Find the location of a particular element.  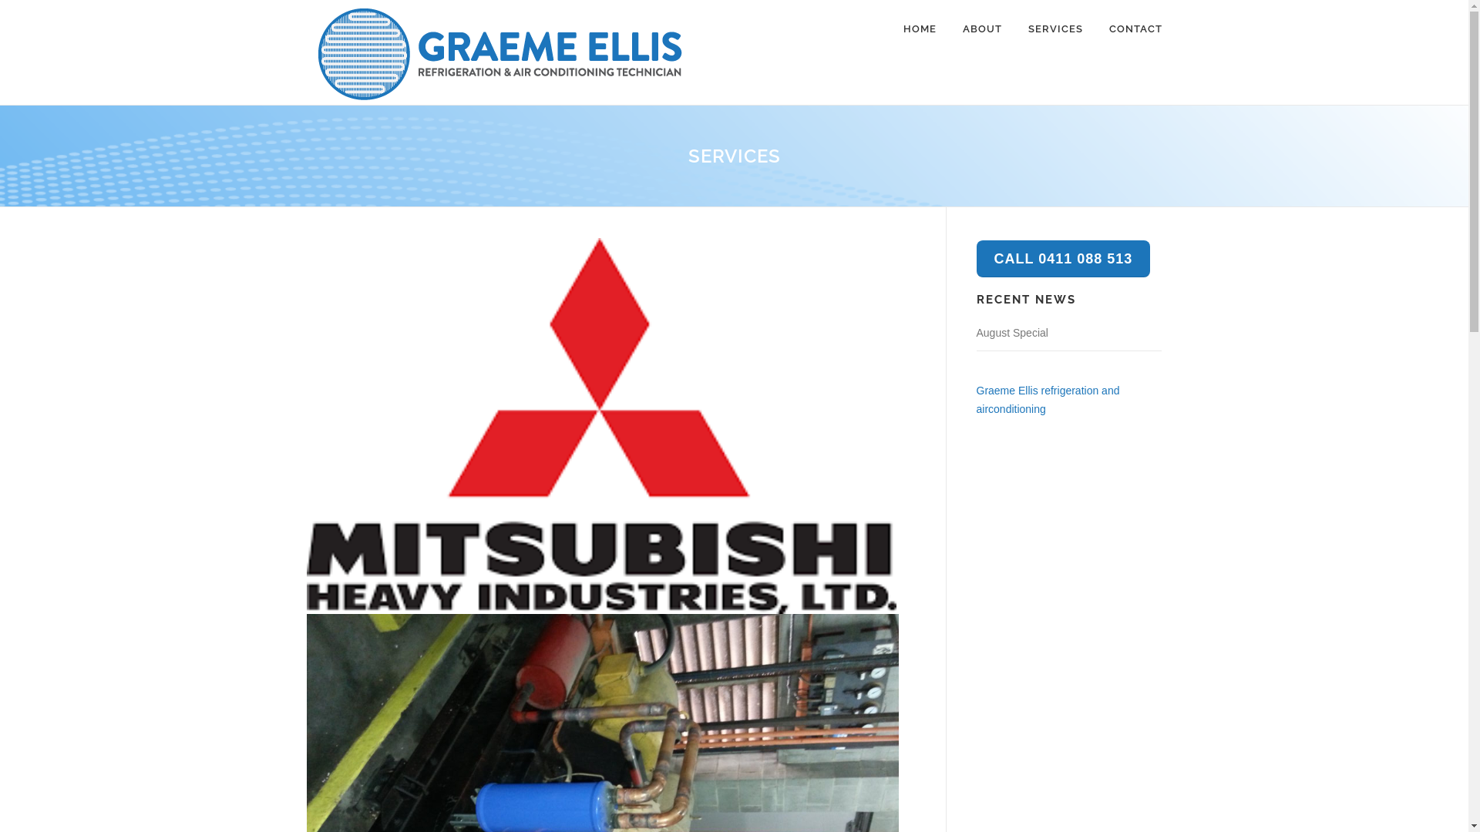

'Graeme Ellis refrigeration and airconditioning' is located at coordinates (1047, 399).